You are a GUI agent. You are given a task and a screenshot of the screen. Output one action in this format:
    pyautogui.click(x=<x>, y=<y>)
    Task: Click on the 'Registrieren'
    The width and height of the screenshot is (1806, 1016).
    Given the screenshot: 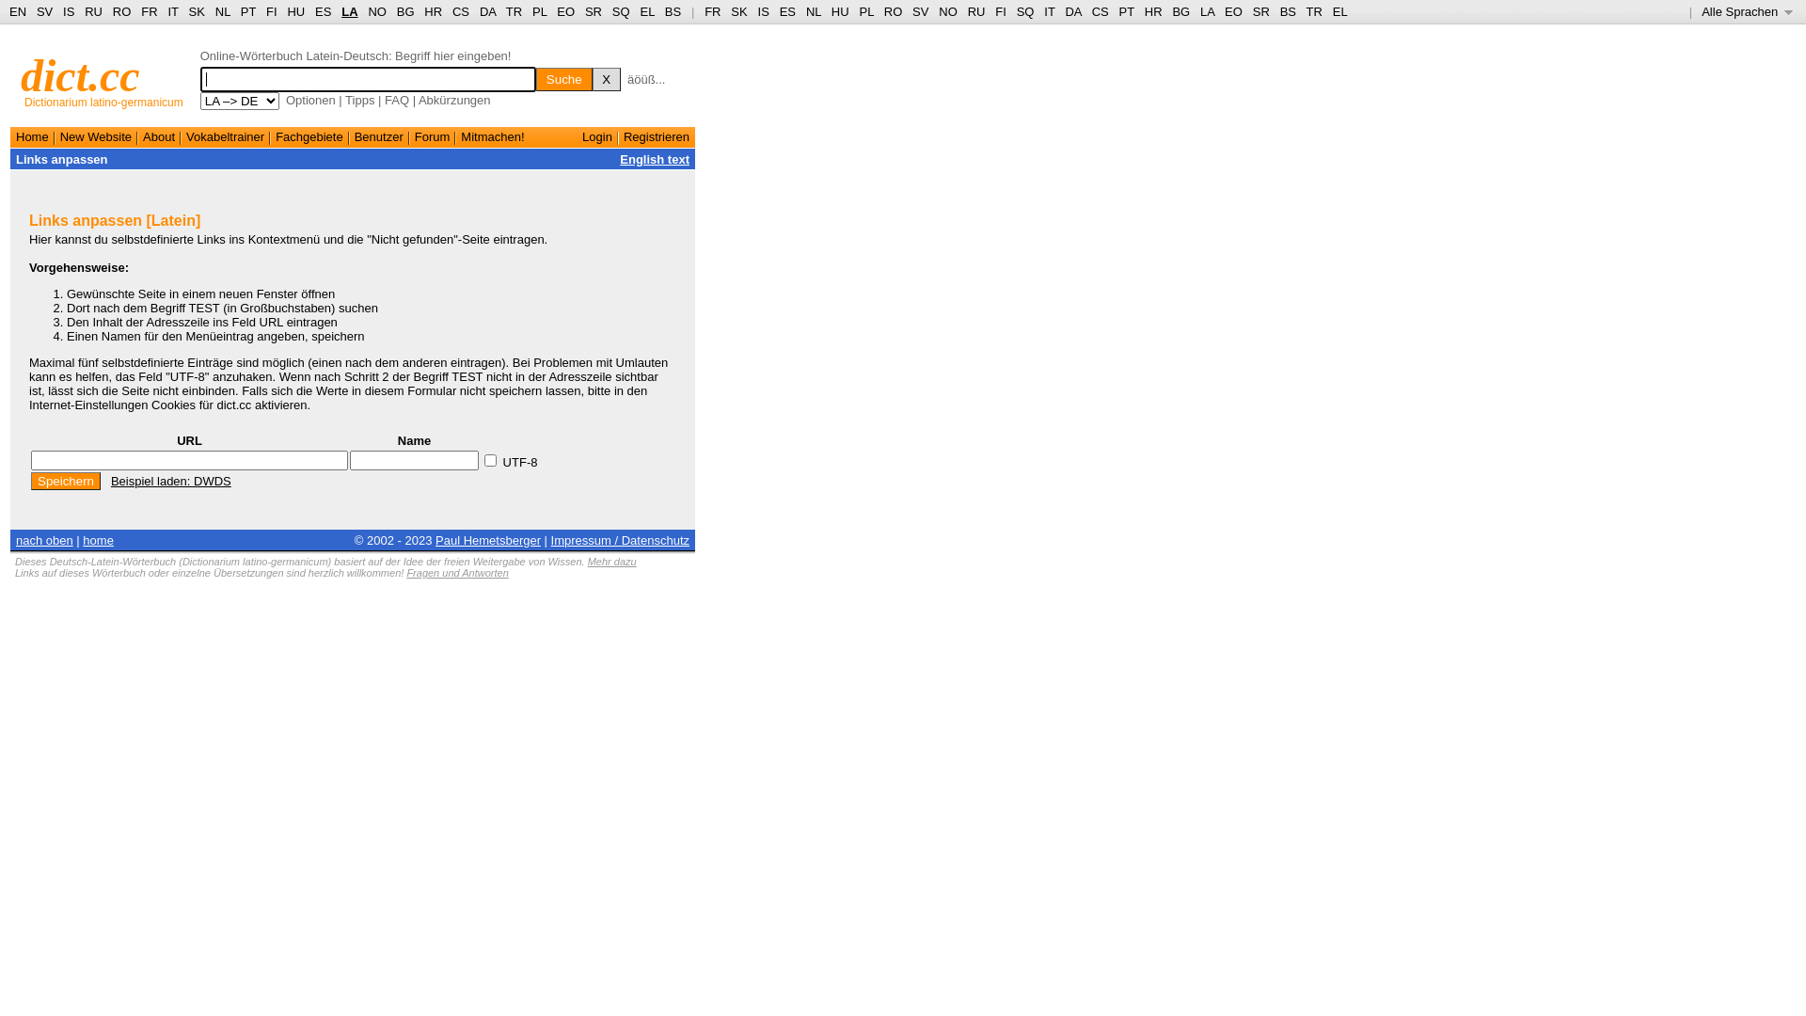 What is the action you would take?
    pyautogui.click(x=656, y=135)
    